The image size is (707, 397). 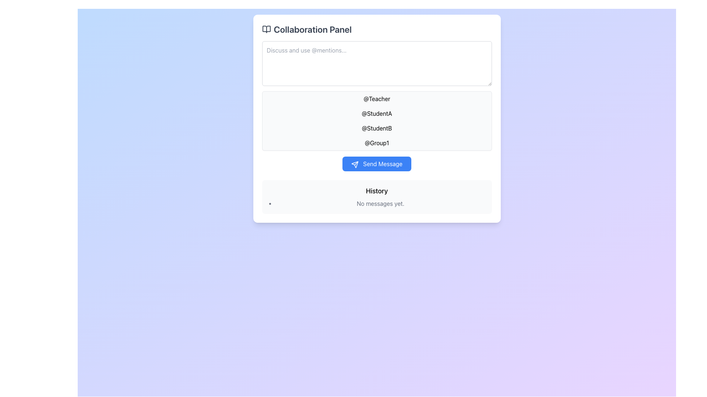 What do you see at coordinates (377, 113) in the screenshot?
I see `the second list item in the vertical grouping of four, which is styled to suggest interactivity, located below '@Teacher' and above '@StudentB'` at bounding box center [377, 113].